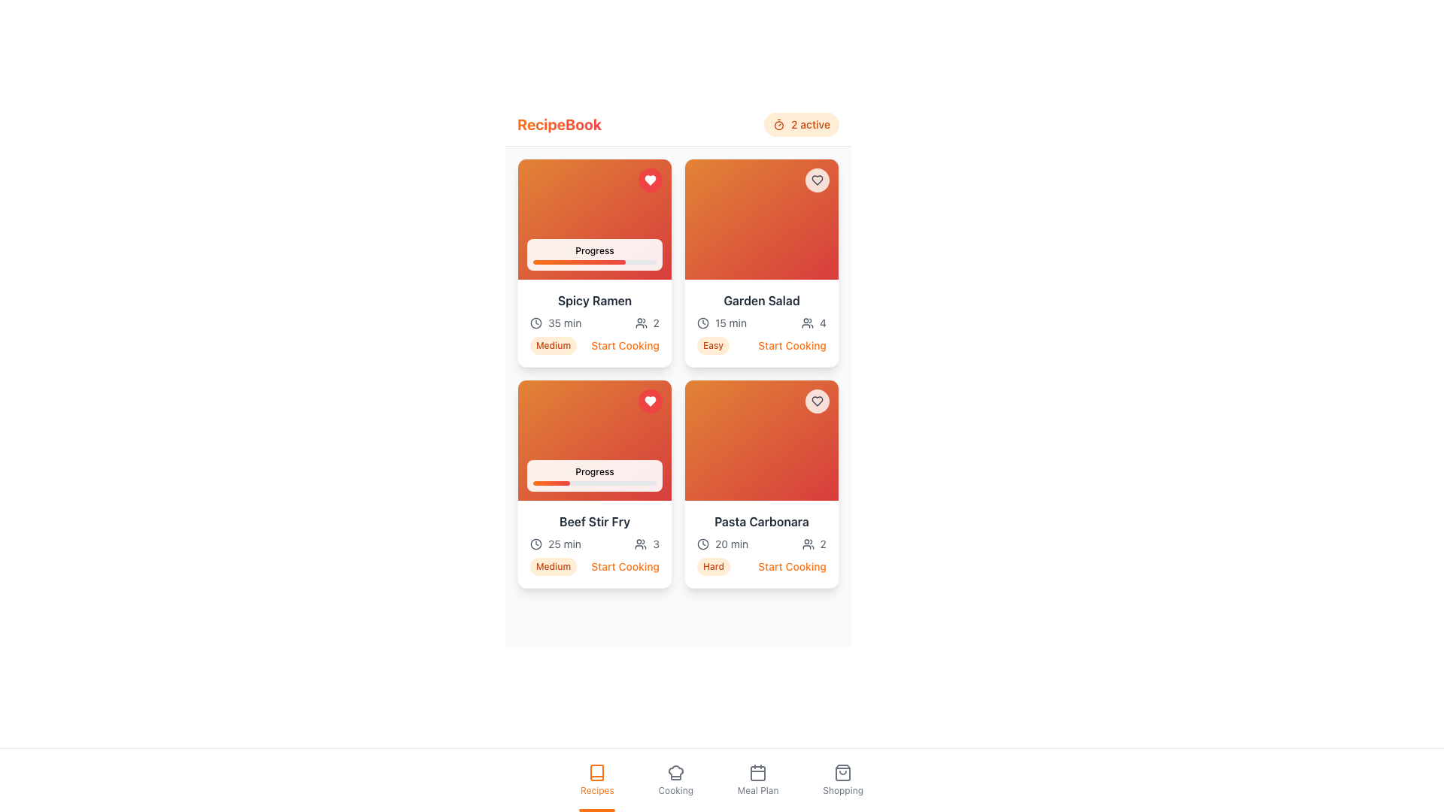 The image size is (1444, 812). Describe the element at coordinates (578, 261) in the screenshot. I see `the progress indicator segment of the 'Spicy Ramen' progress bar, which is located three-quarters of the way through the bar and centered below the text 'Progress'` at that location.